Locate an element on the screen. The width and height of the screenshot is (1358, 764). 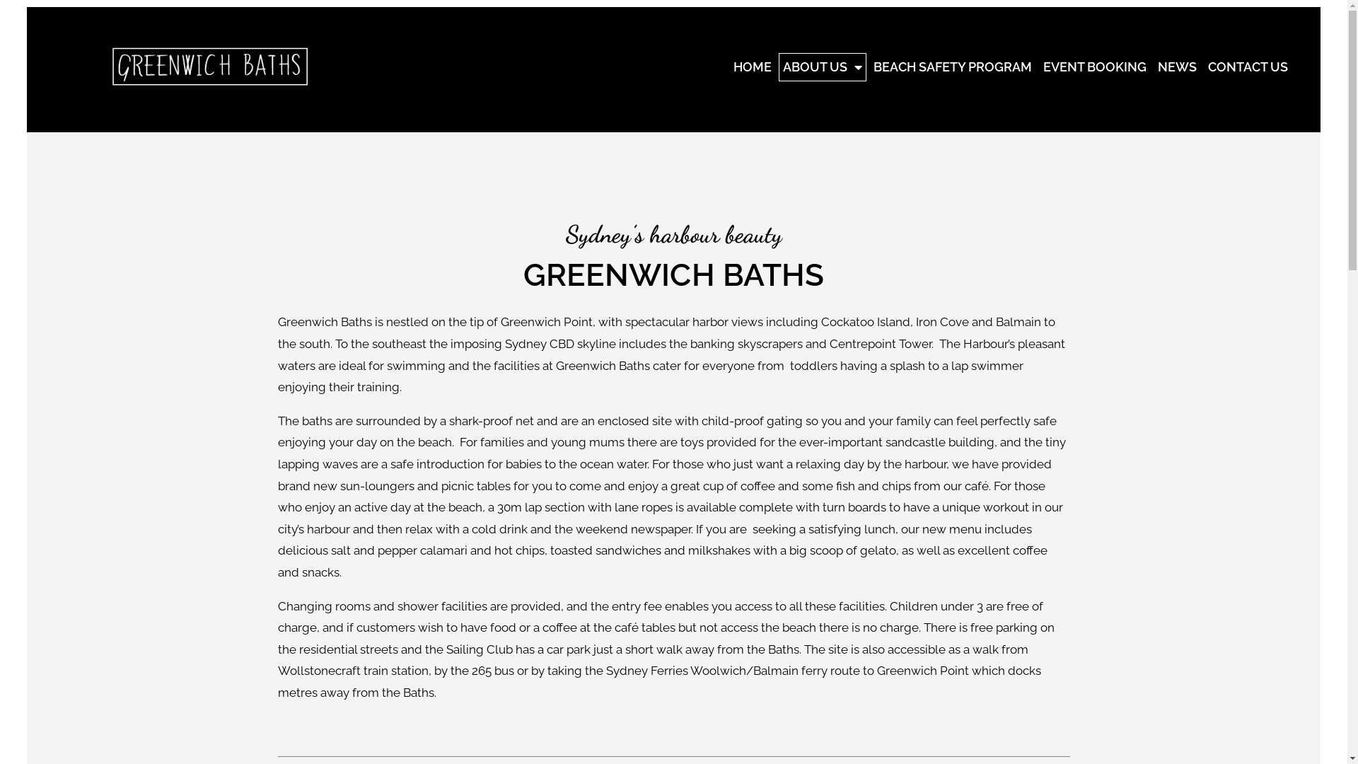
'greenwich-logo-15-2-copy2' is located at coordinates (209, 66).